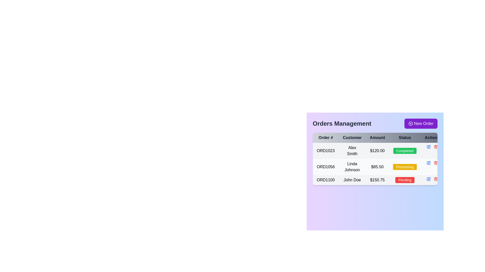 The height and width of the screenshot is (272, 485). What do you see at coordinates (410, 123) in the screenshot?
I see `the circular purple icon that is part of the 'New Order' button located at the upper-right corner of the orders management panel` at bounding box center [410, 123].